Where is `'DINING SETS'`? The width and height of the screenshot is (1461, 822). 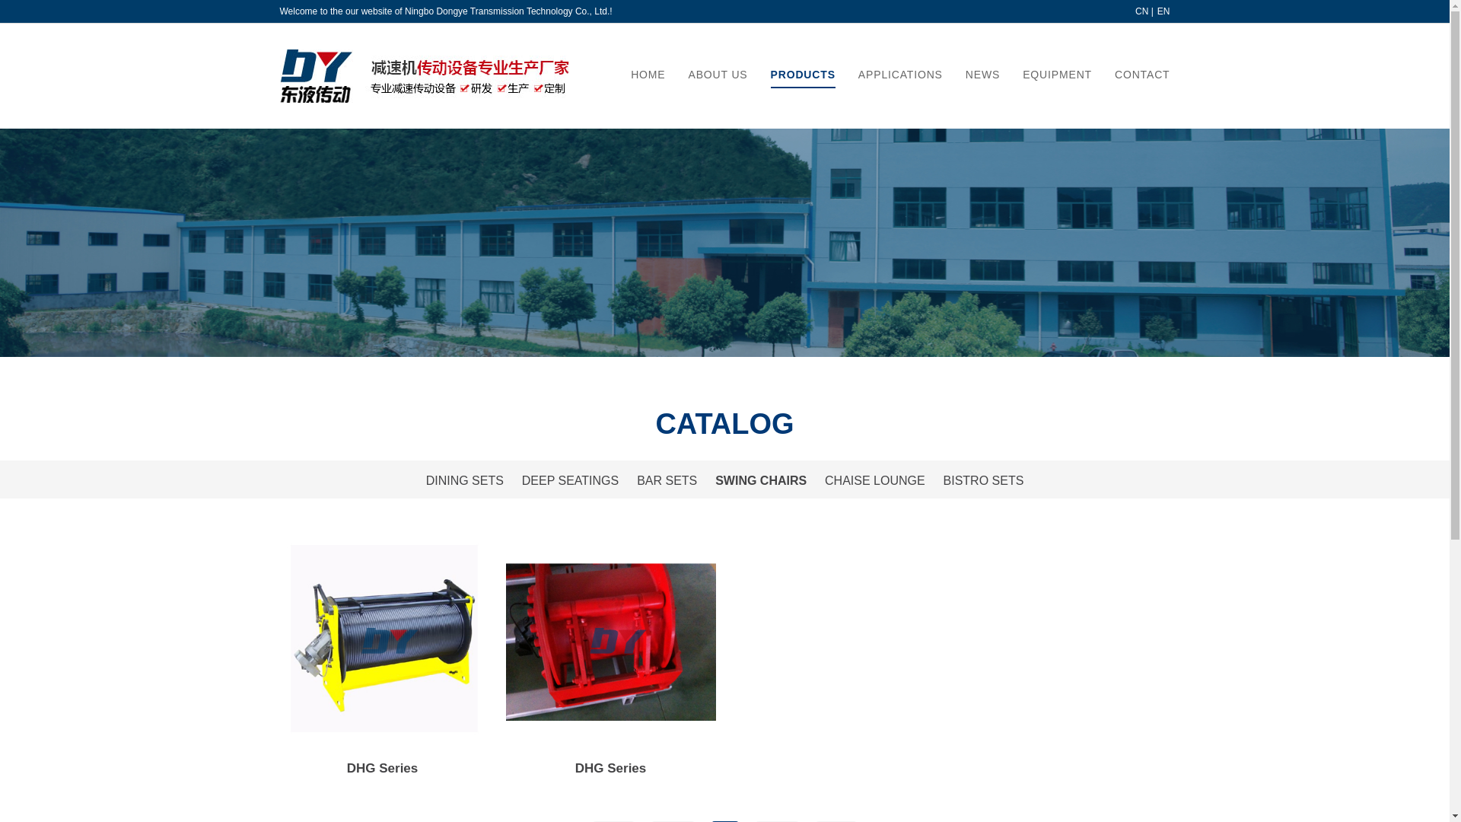 'DINING SETS' is located at coordinates (463, 480).